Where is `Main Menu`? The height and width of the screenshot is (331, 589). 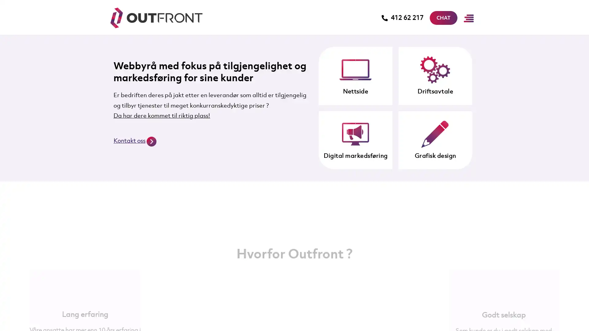 Main Menu is located at coordinates (471, 20).